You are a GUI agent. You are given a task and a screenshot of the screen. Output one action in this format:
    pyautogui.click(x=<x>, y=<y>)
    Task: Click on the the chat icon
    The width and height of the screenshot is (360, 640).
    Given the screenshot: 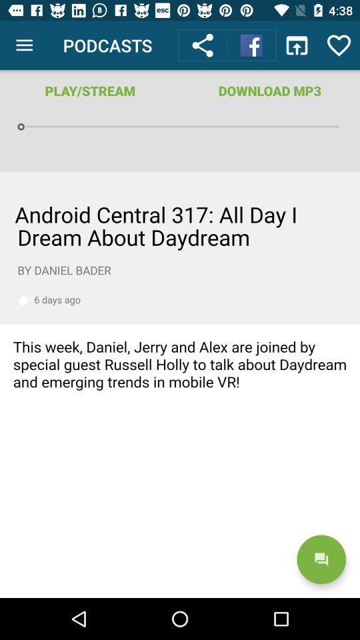 What is the action you would take?
    pyautogui.click(x=321, y=559)
    